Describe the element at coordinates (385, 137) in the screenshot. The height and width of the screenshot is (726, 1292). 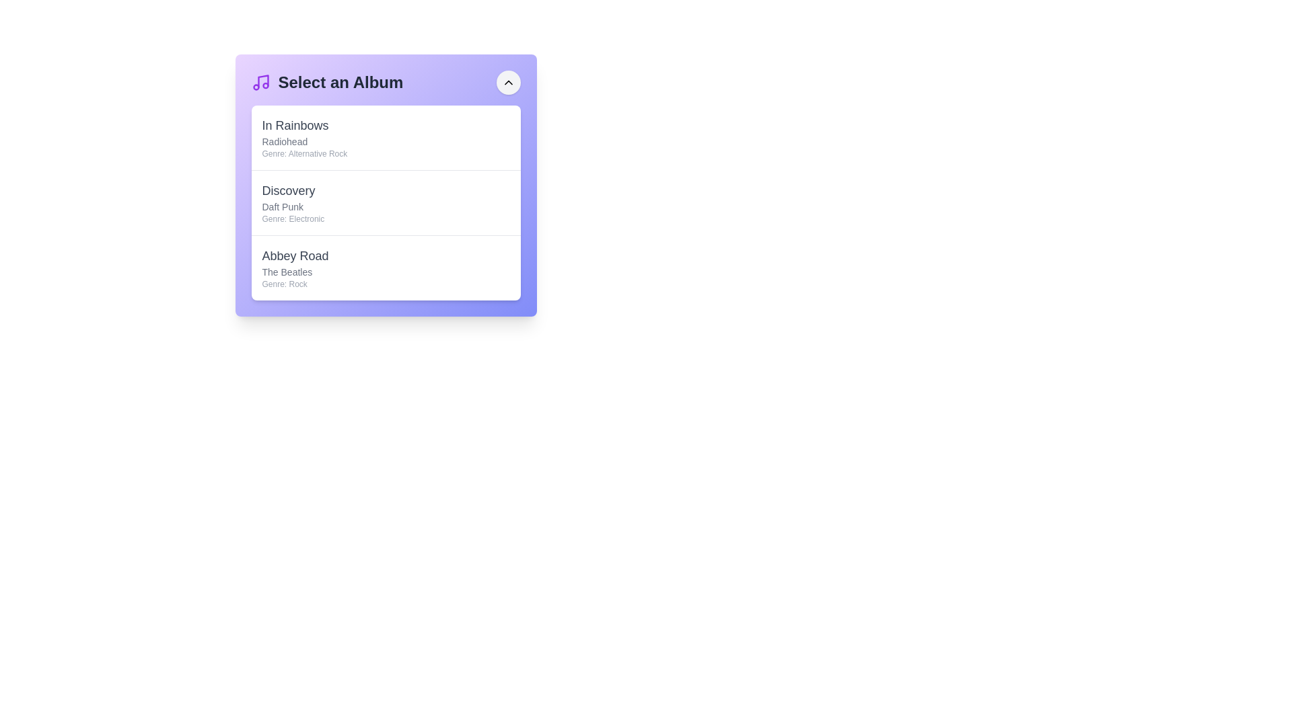
I see `the first List Item element displaying the album 'In Rainbows' by 'Radiohead'` at that location.